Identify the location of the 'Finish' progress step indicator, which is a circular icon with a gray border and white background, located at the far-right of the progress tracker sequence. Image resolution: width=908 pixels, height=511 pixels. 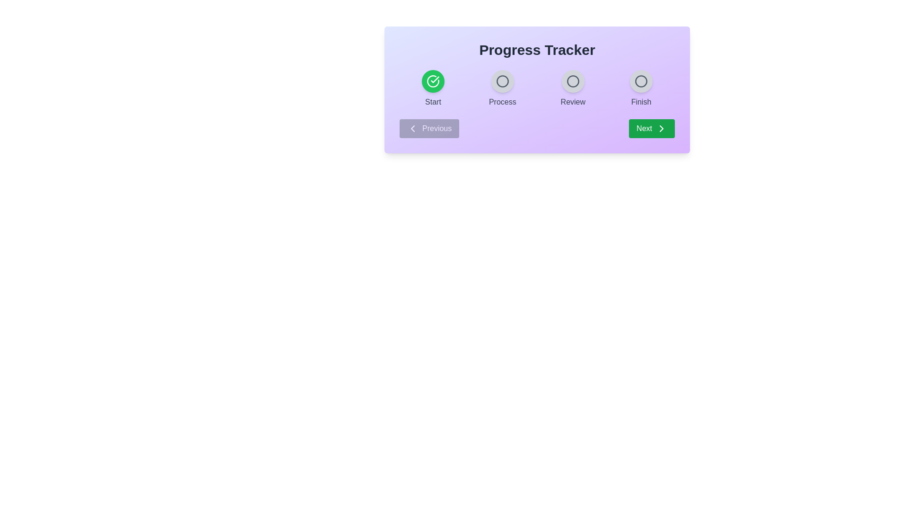
(641, 89).